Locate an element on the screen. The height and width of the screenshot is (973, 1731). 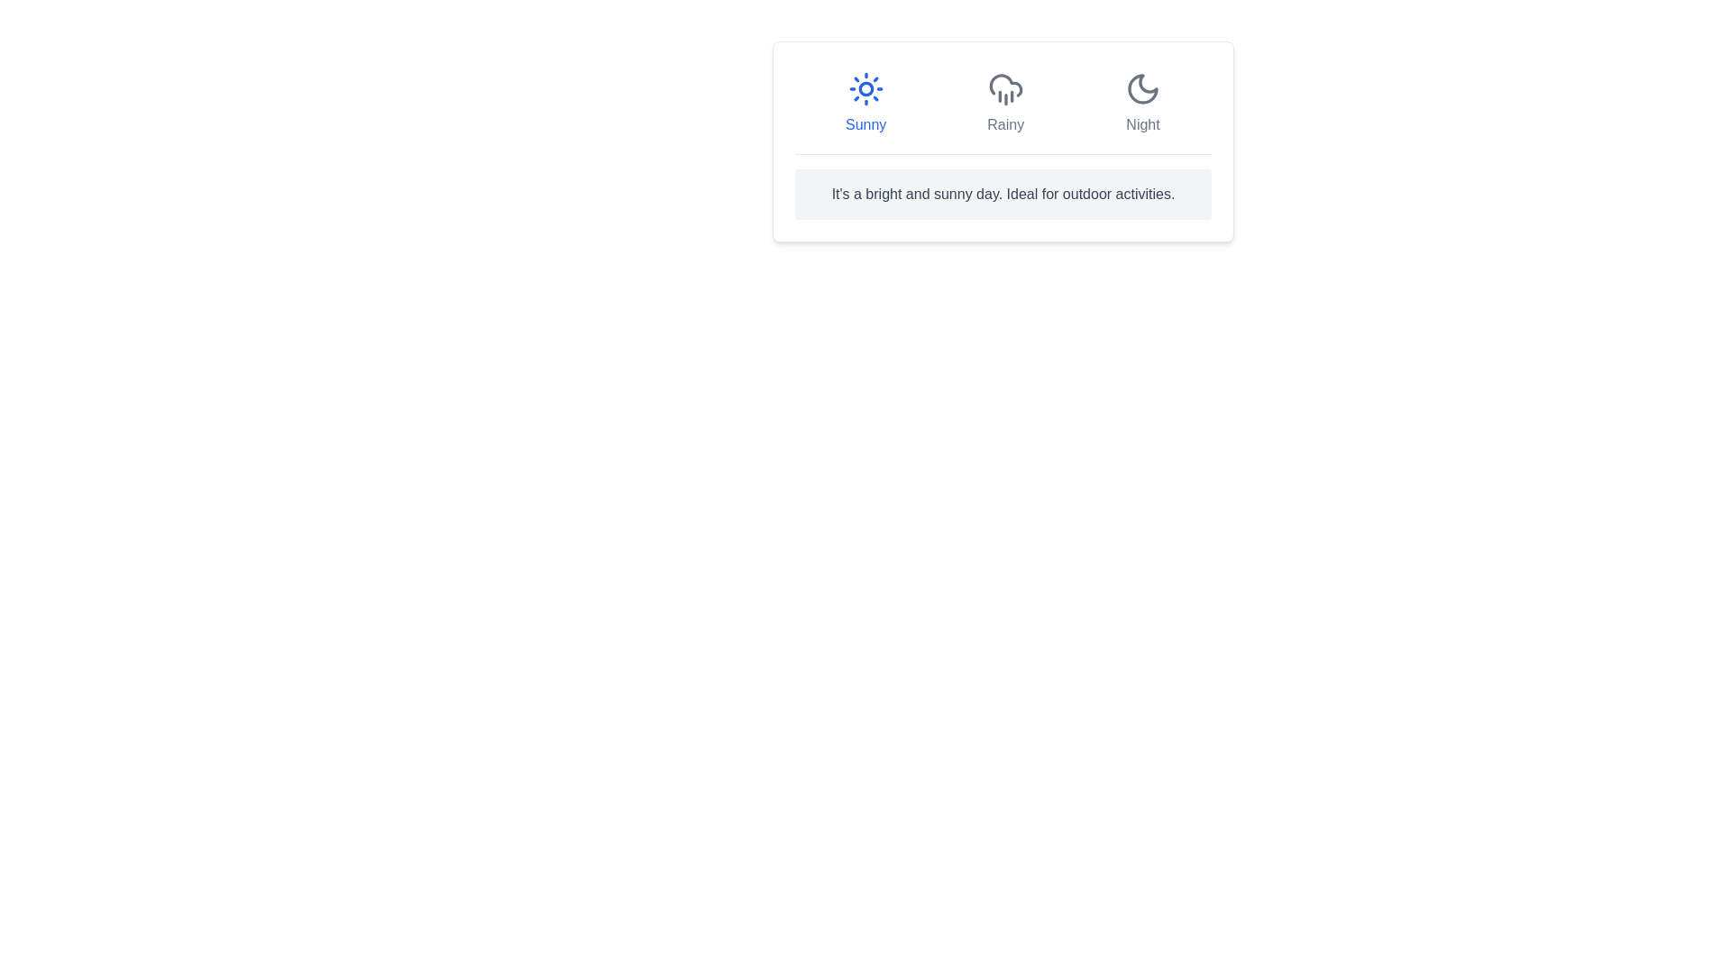
the Sunny tab is located at coordinates (865, 104).